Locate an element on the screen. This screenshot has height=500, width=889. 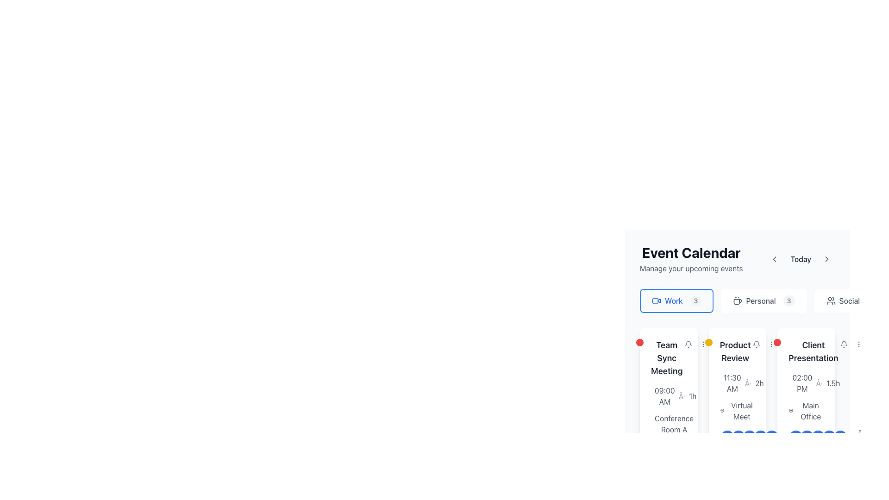
the central white circle outlined in black within the clock icon on the 'Product Review' event card is located at coordinates (725, 385).